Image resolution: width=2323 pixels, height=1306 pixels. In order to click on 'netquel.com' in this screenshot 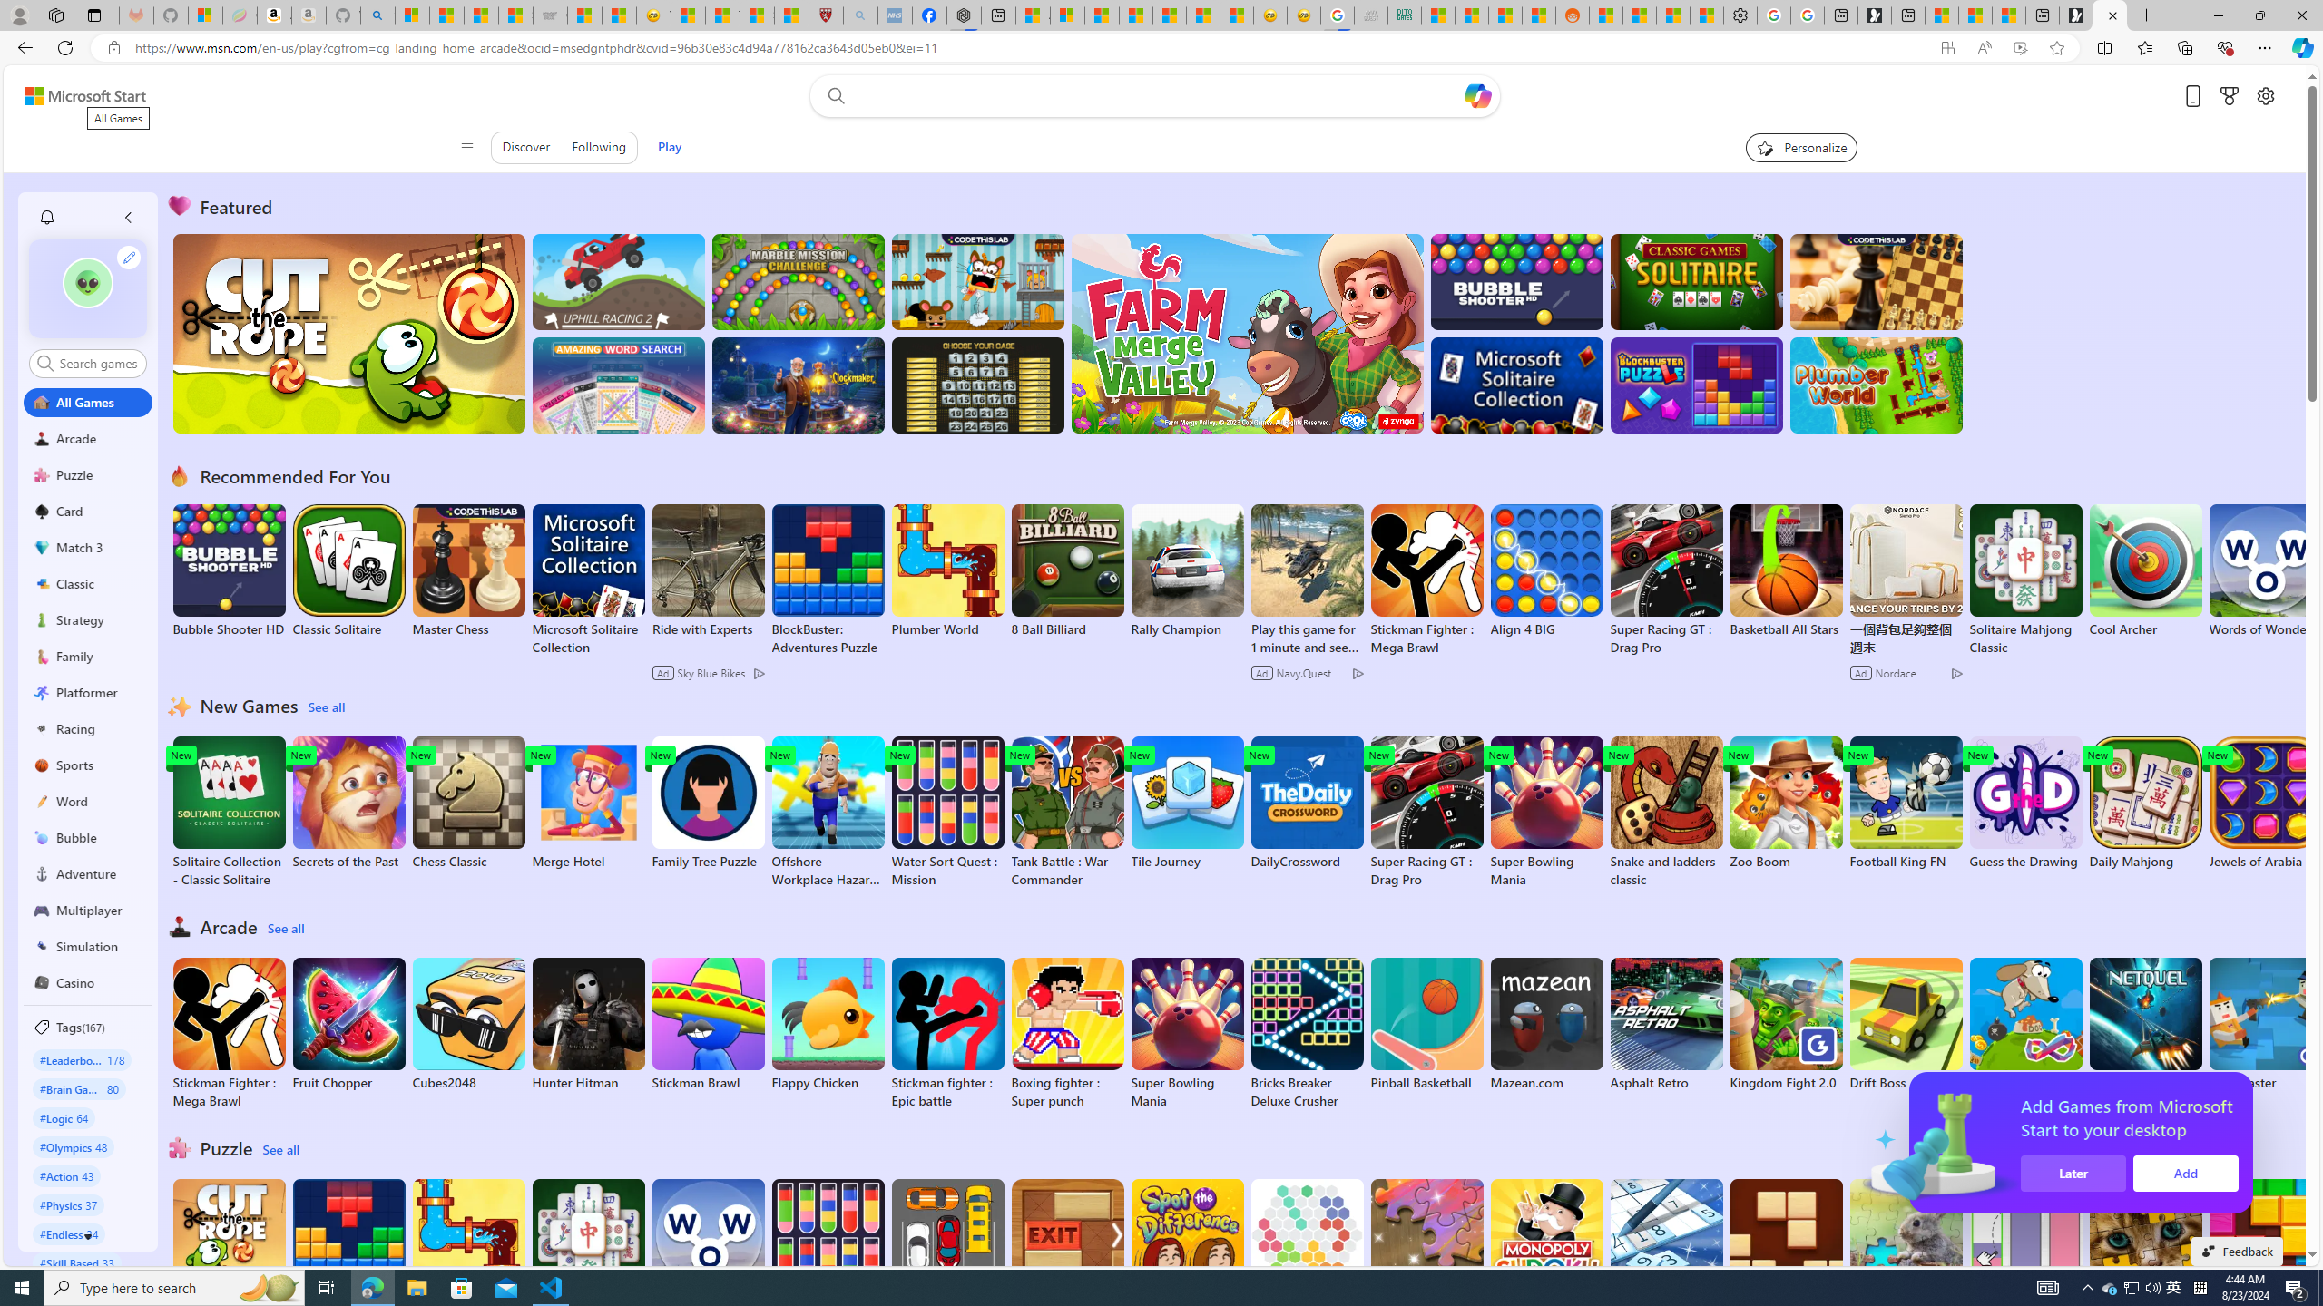, I will do `click(2145, 1024)`.